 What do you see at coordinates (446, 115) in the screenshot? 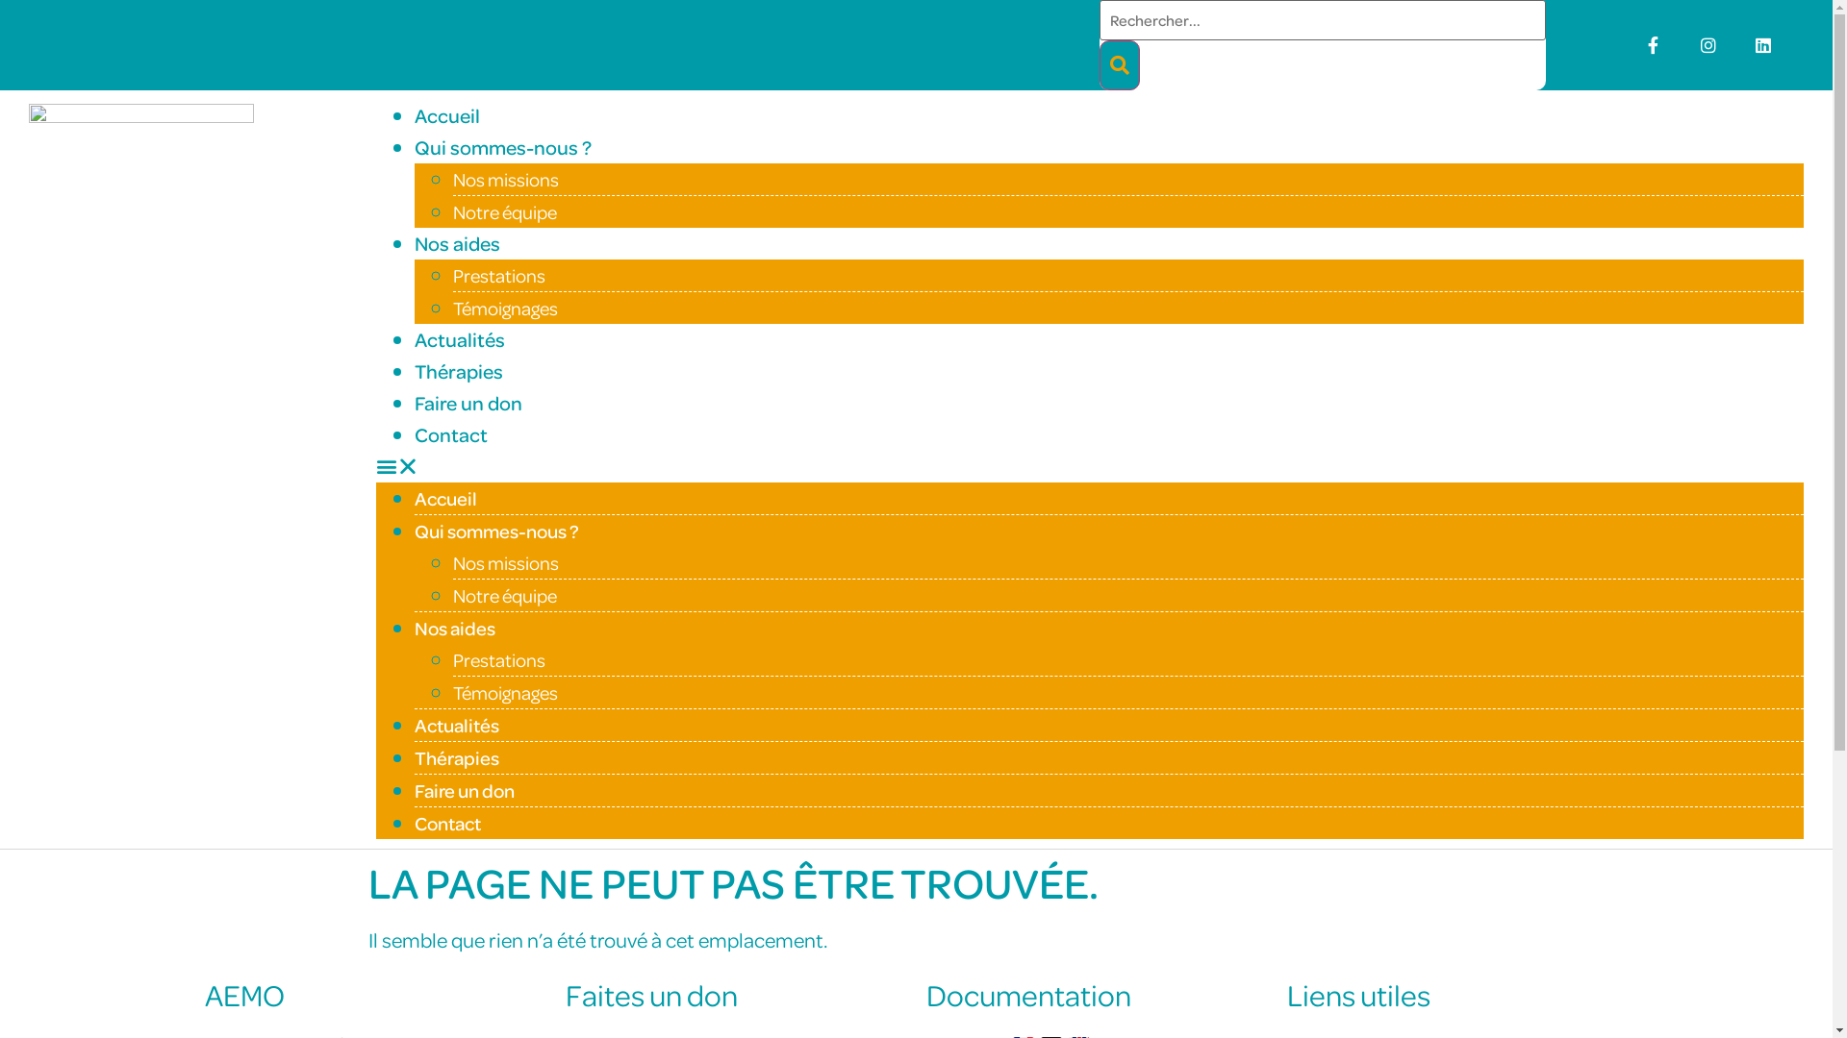
I see `'Accueil'` at bounding box center [446, 115].